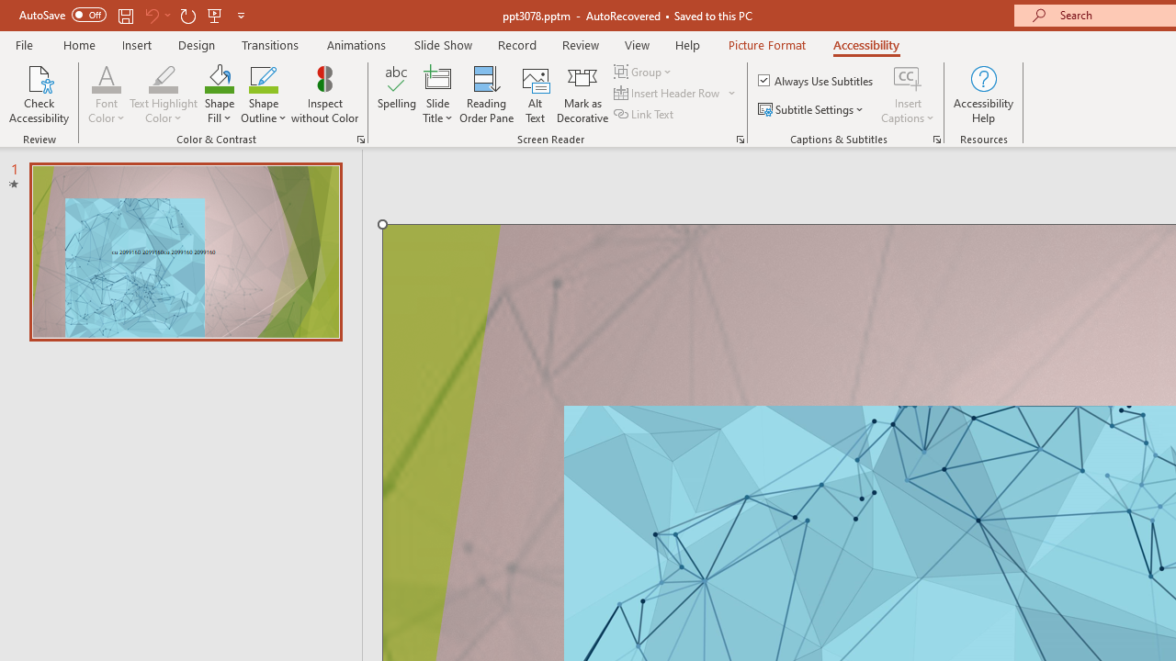 The image size is (1176, 661). I want to click on 'Picture Format', so click(767, 44).